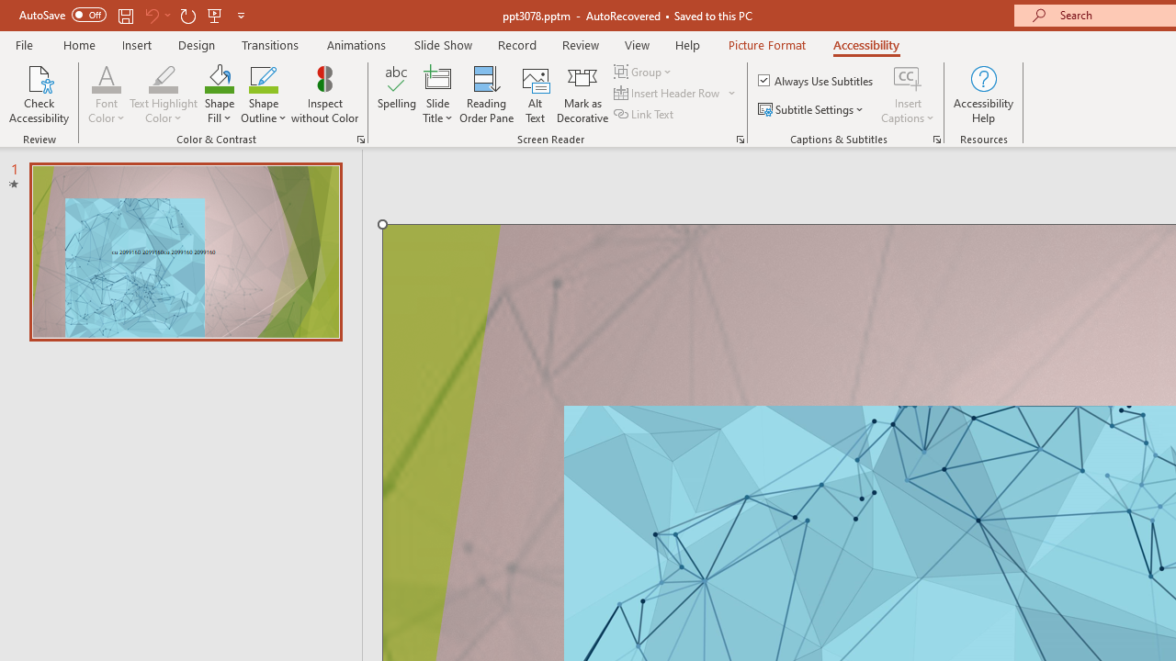 The image size is (1176, 661). I want to click on 'Picture Format', so click(767, 44).